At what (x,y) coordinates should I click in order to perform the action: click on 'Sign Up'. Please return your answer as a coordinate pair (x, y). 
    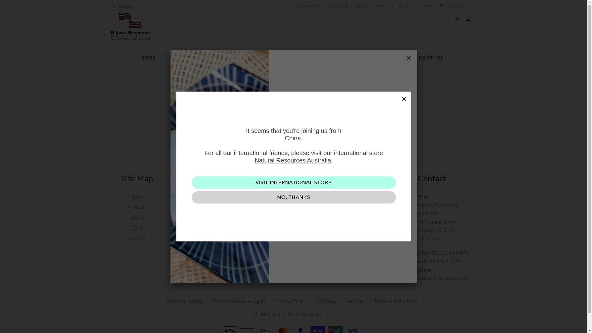
    Looking at the image, I should click on (343, 231).